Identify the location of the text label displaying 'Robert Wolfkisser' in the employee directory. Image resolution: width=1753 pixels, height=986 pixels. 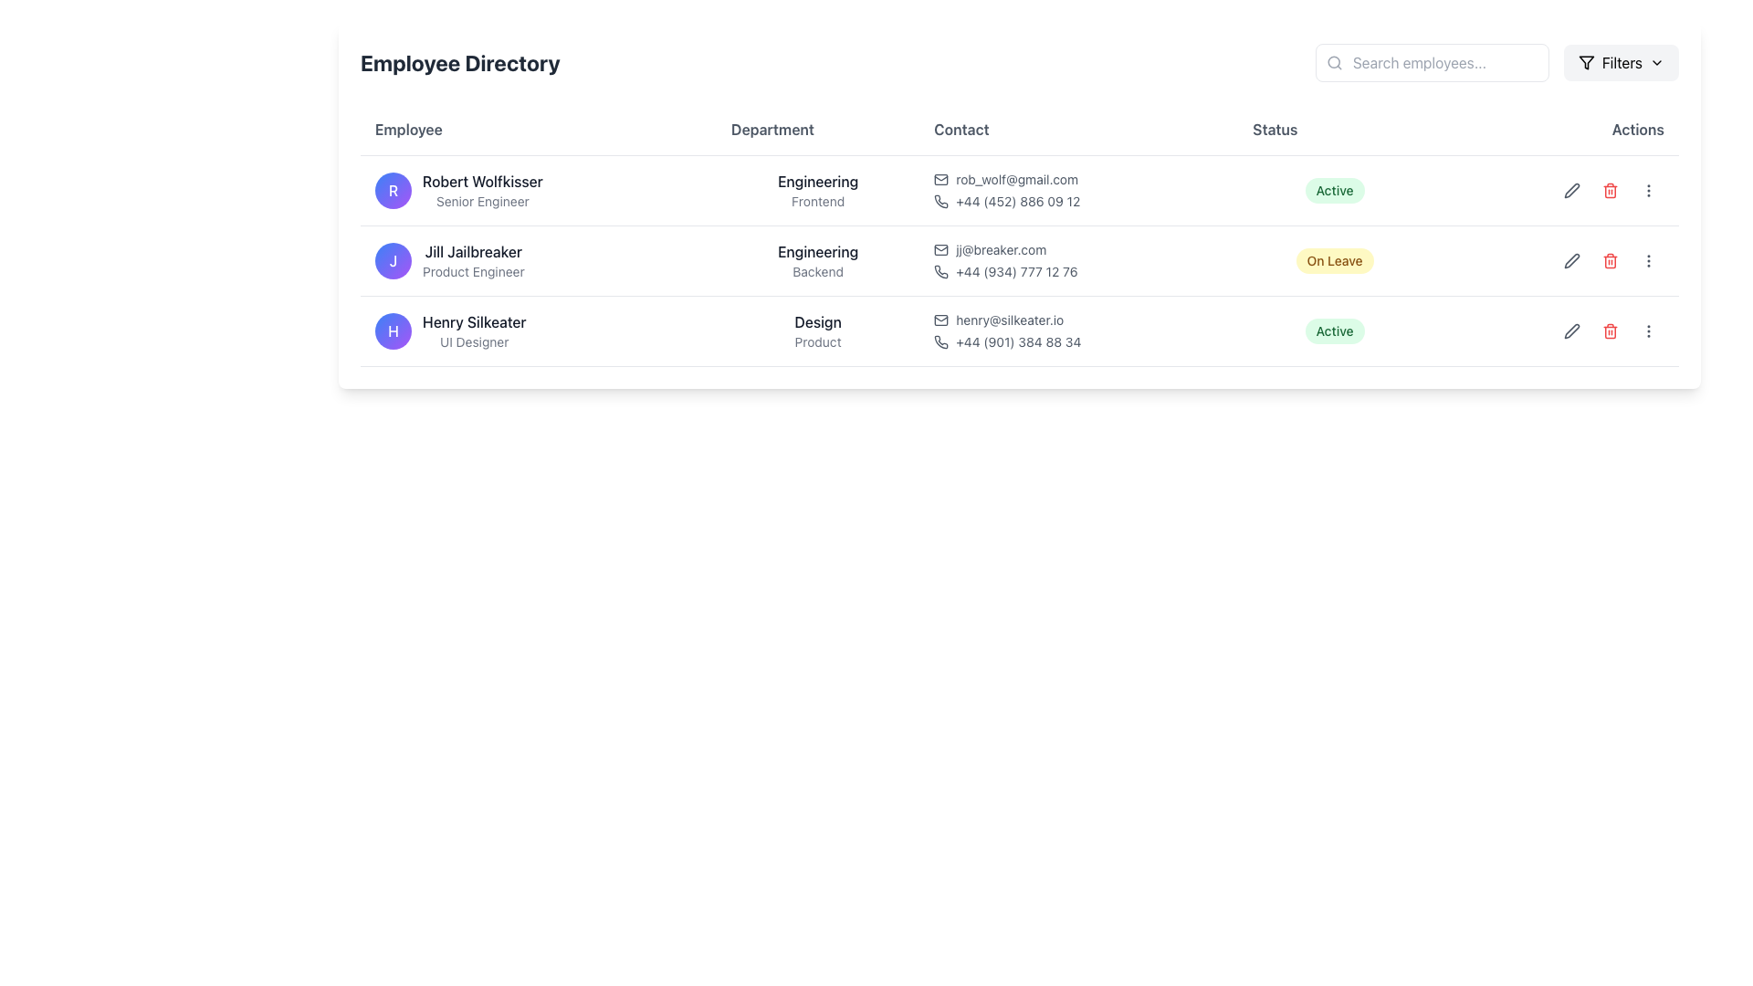
(482, 190).